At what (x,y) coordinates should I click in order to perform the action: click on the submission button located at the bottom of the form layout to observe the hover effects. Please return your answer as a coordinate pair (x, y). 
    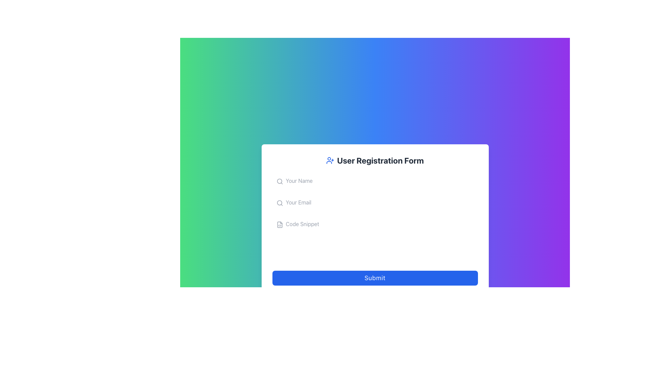
    Looking at the image, I should click on (375, 278).